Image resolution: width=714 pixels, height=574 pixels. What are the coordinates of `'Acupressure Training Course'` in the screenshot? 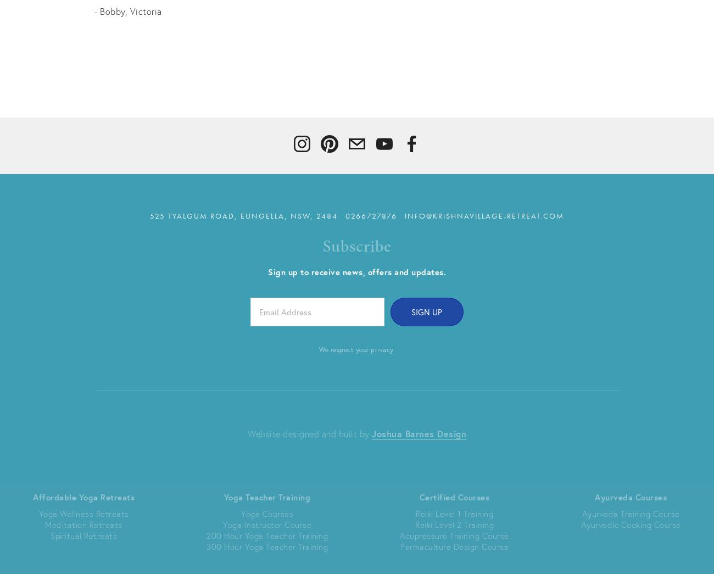 It's located at (454, 534).